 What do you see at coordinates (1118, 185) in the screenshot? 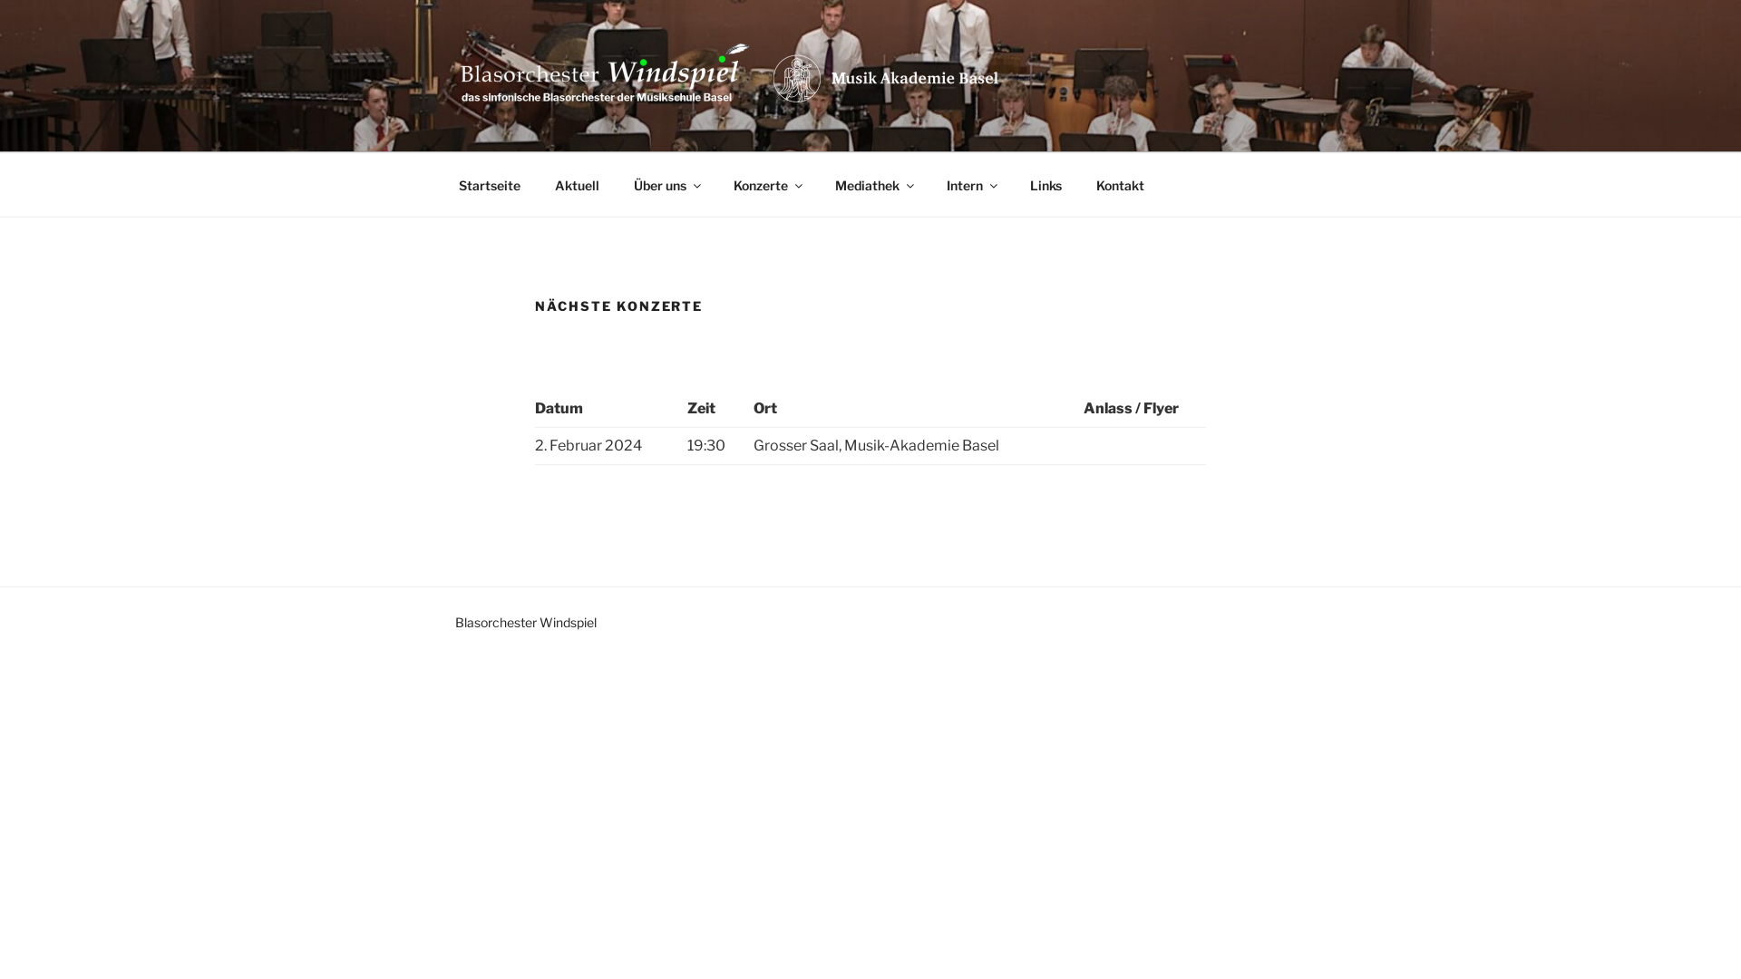
I see `'Kontakt'` at bounding box center [1118, 185].